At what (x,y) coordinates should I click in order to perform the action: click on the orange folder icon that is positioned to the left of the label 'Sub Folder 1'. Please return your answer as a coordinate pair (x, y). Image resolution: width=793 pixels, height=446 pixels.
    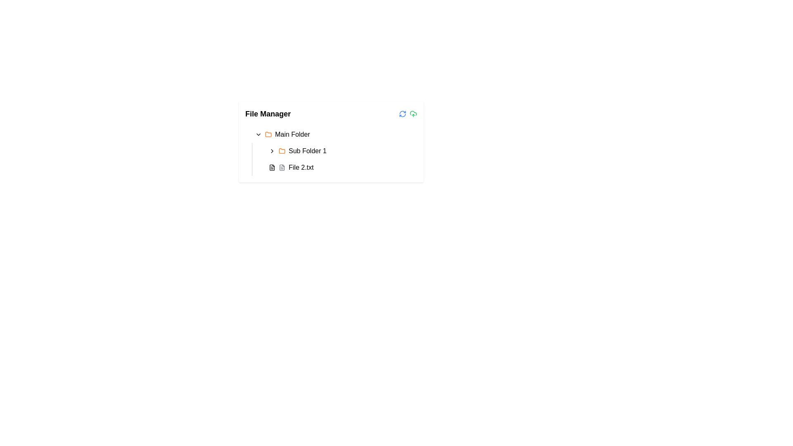
    Looking at the image, I should click on (282, 151).